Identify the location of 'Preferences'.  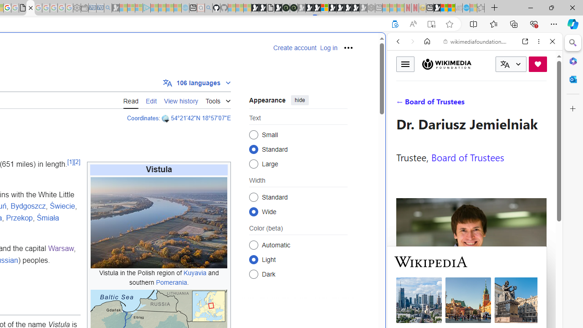
(542, 103).